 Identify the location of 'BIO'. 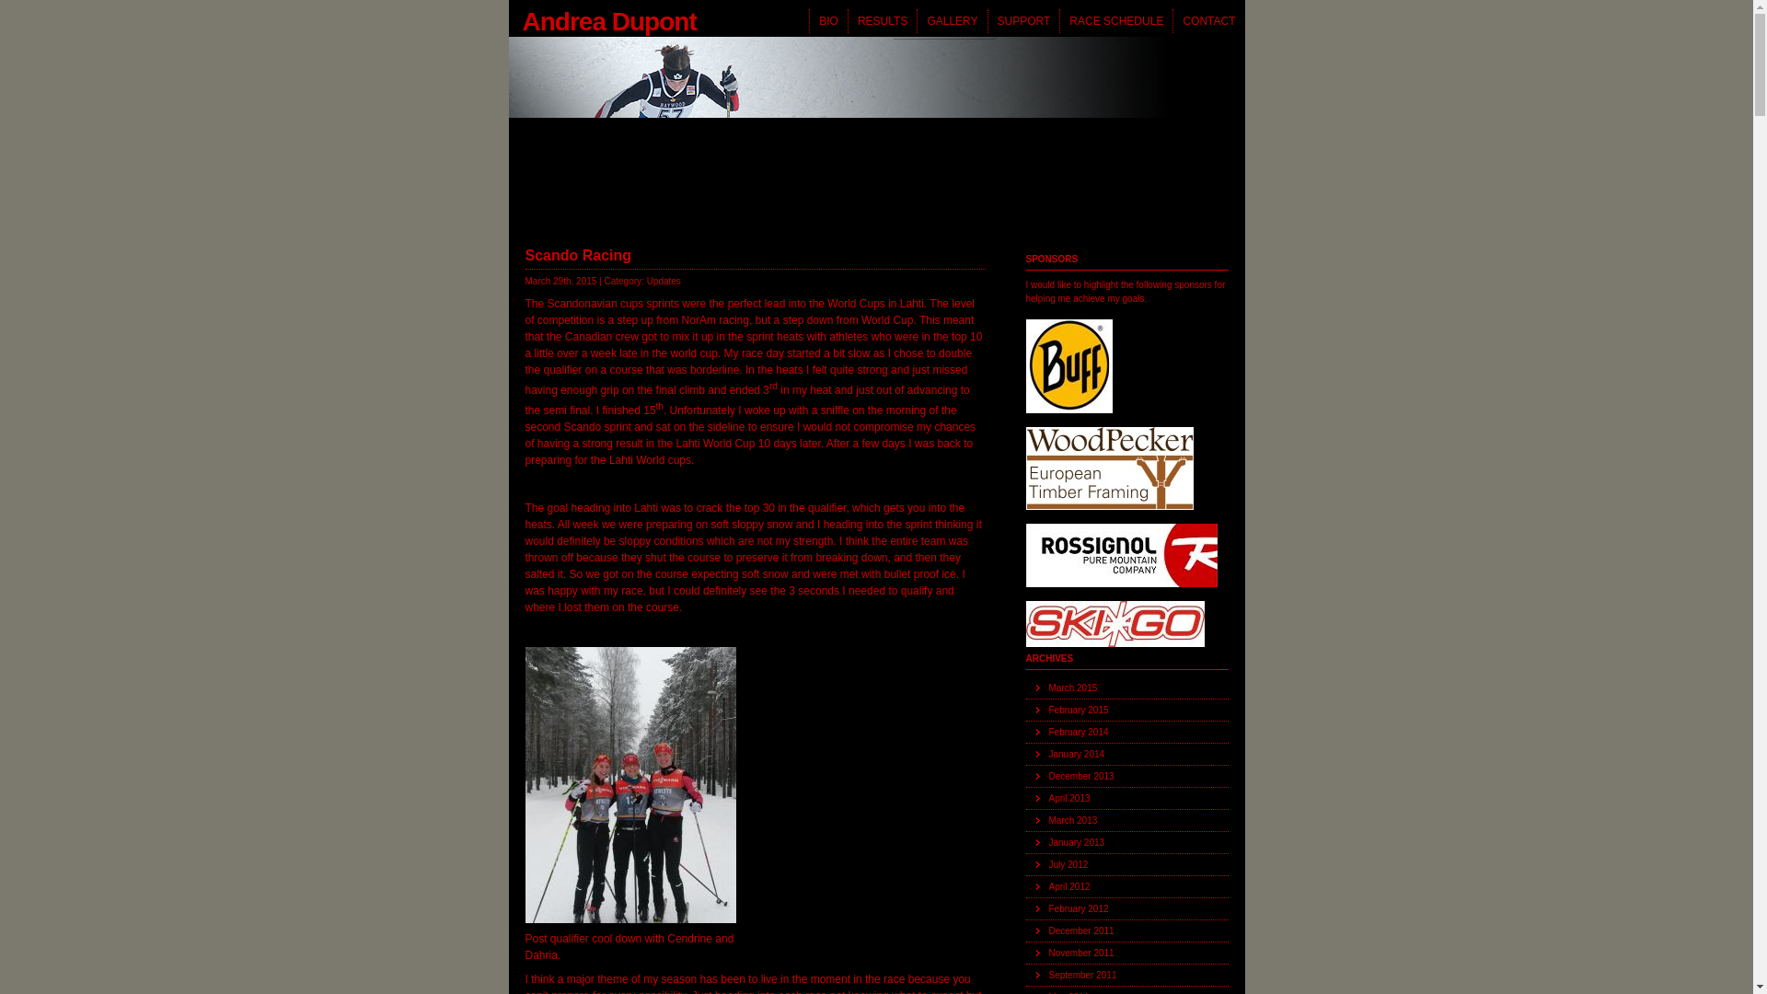
(808, 21).